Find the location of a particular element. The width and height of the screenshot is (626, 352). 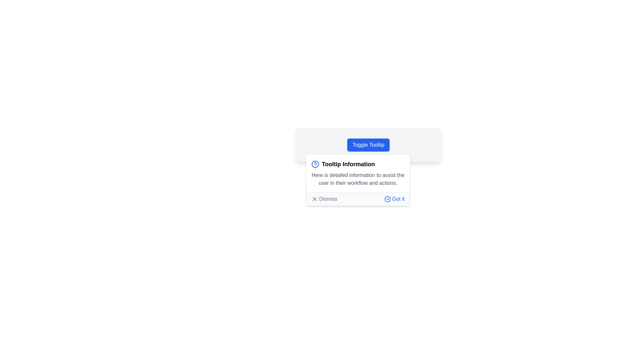

the button that toggles the visibility of the tooltip below it is located at coordinates (368, 144).